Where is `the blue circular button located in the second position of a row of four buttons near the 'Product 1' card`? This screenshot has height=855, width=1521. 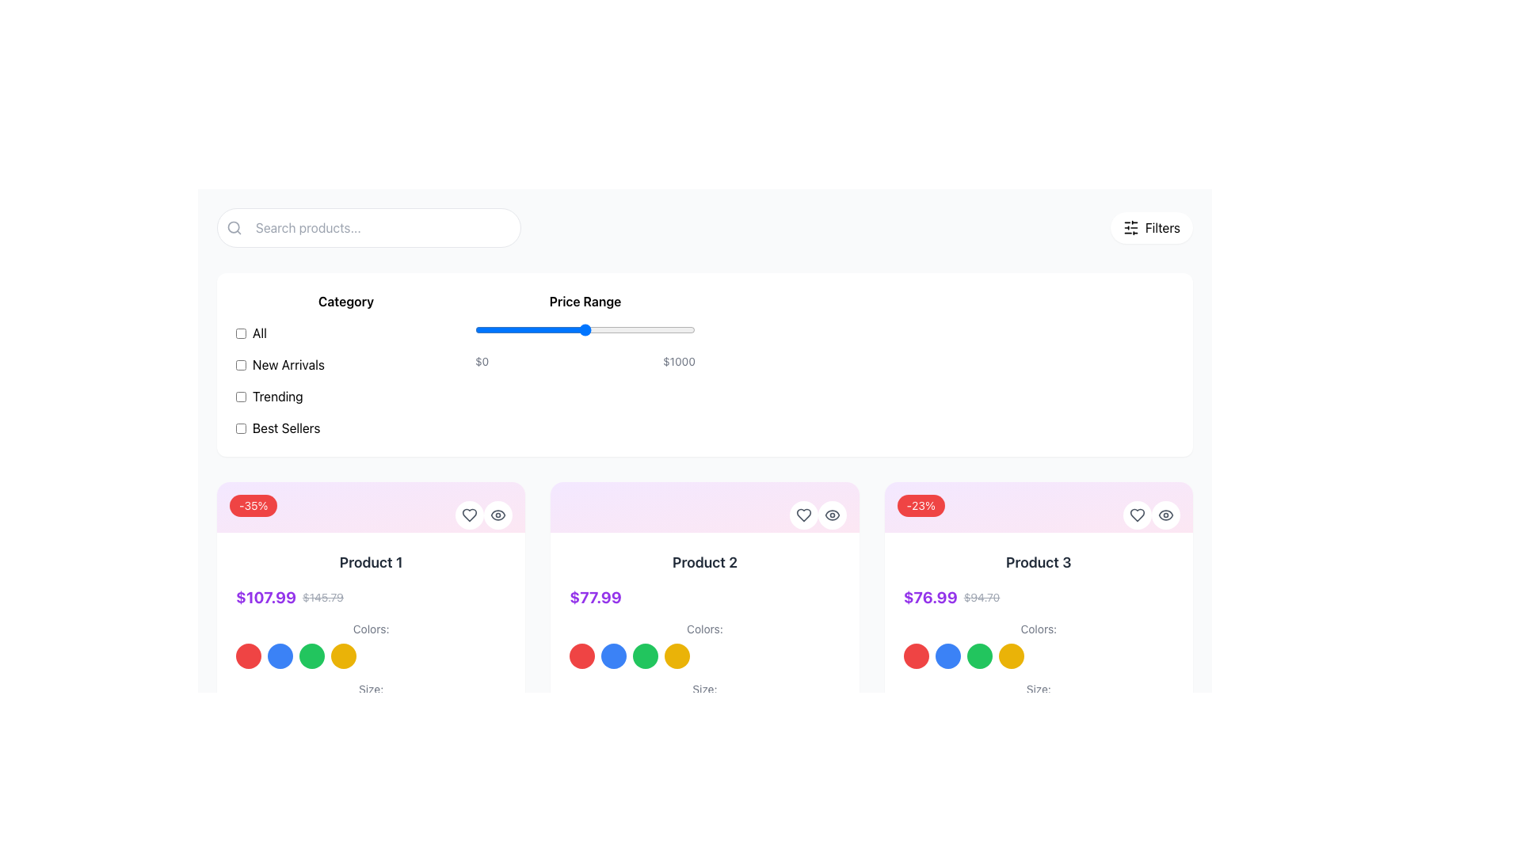
the blue circular button located in the second position of a row of four buttons near the 'Product 1' card is located at coordinates (280, 656).